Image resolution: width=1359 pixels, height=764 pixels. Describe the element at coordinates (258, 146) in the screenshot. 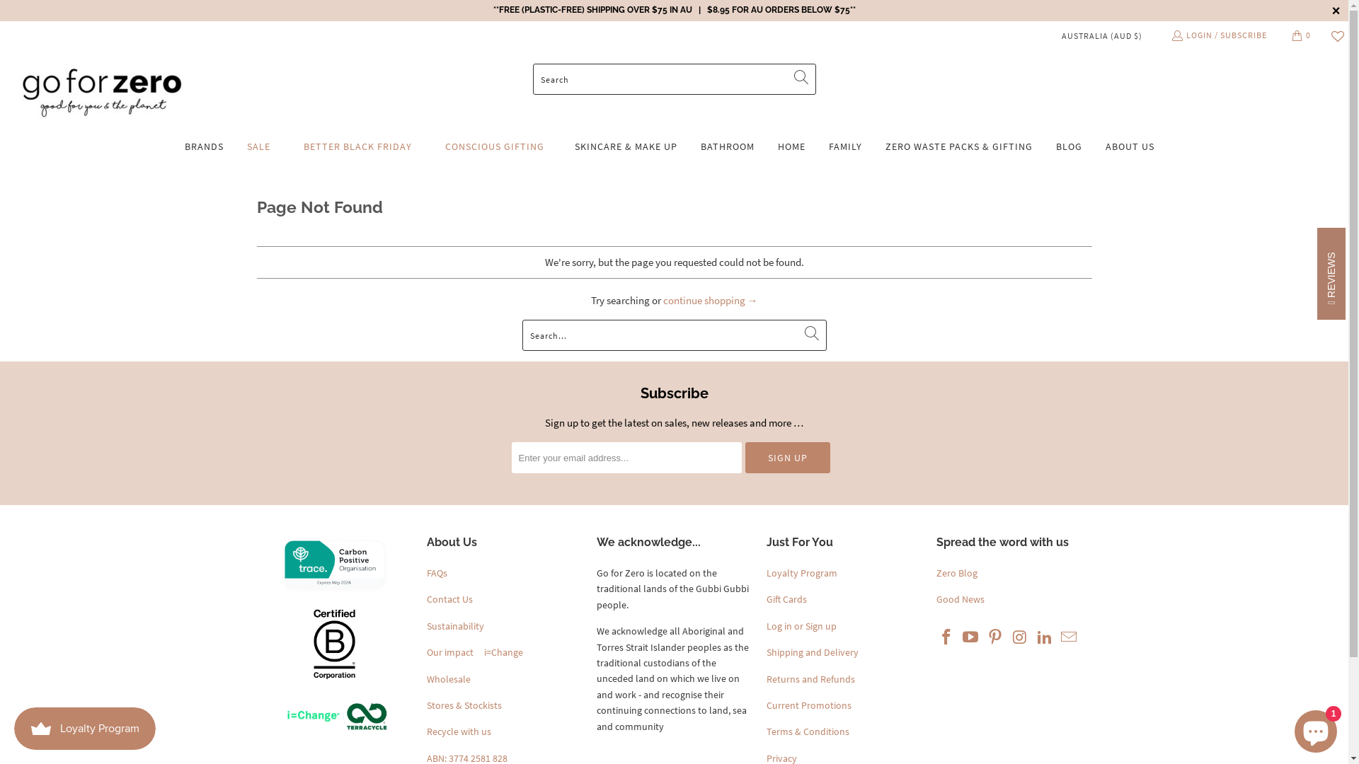

I see `'SALE'` at that location.